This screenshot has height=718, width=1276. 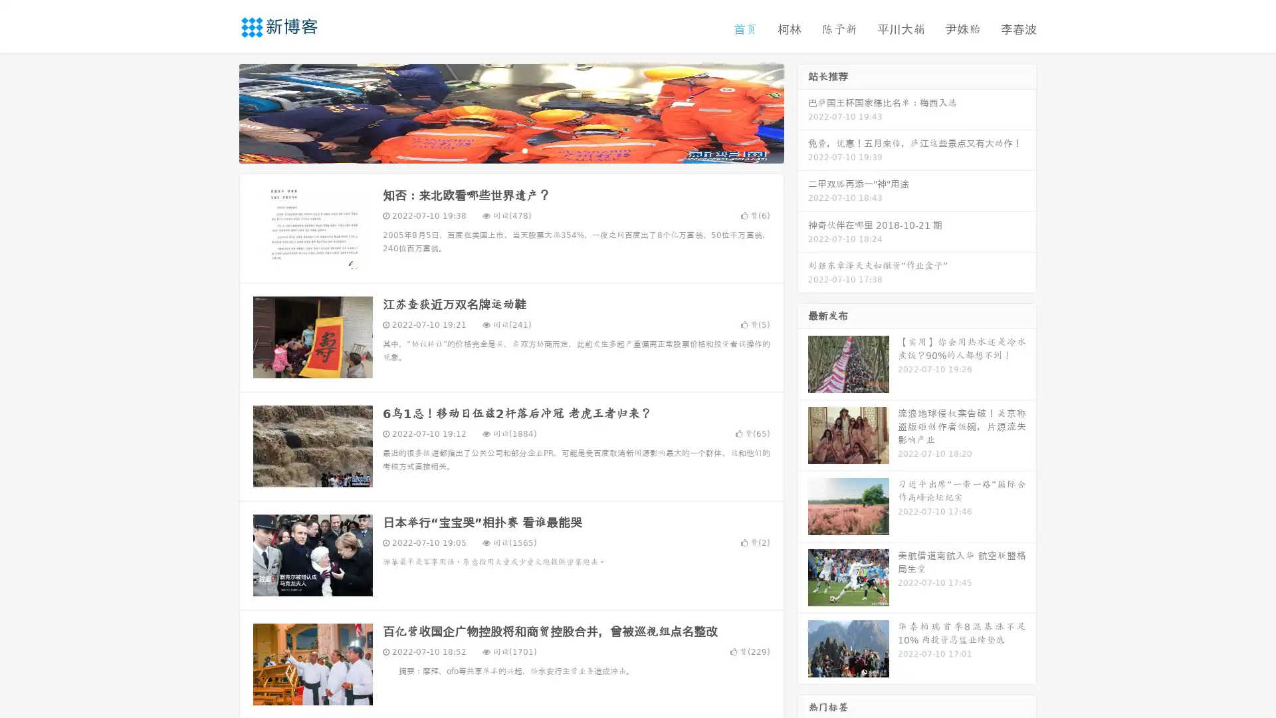 I want to click on Next slide, so click(x=803, y=112).